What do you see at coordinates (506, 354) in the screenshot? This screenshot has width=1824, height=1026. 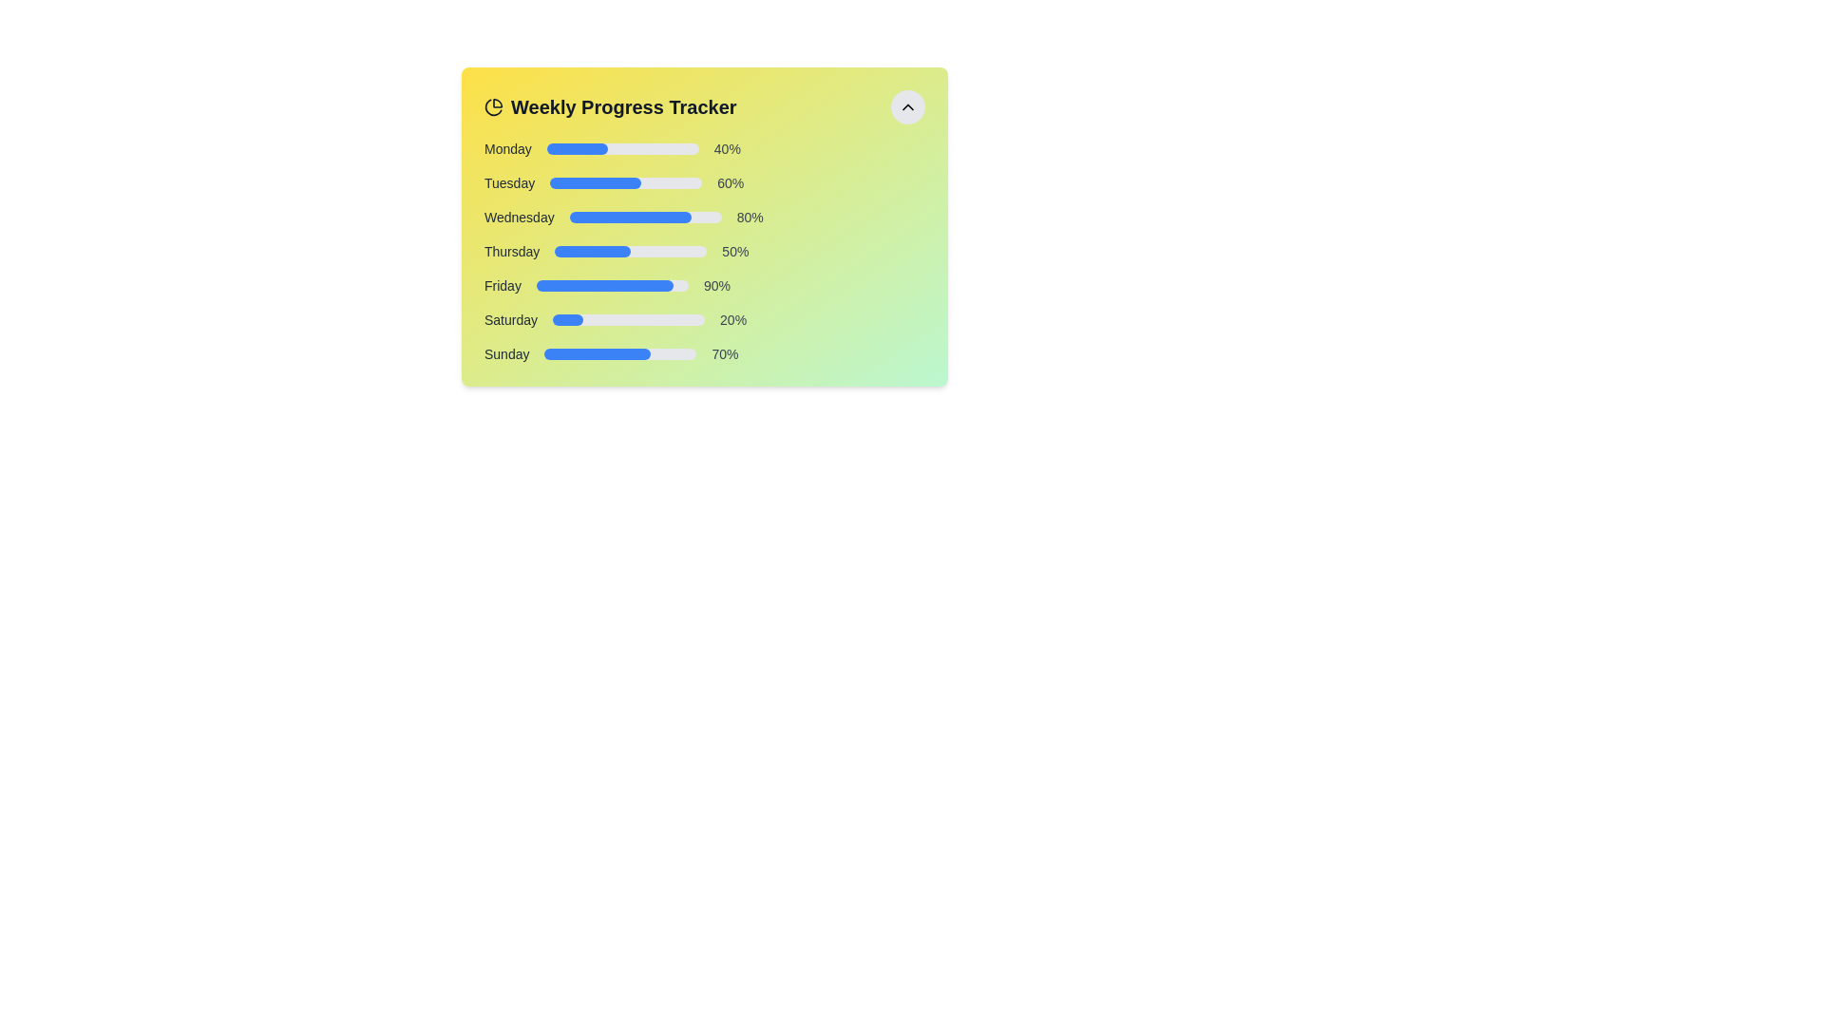 I see `the text label indicating 'Sunday' within the Weekly Progress Tracker panel, which is positioned at the start of the row for that day` at bounding box center [506, 354].